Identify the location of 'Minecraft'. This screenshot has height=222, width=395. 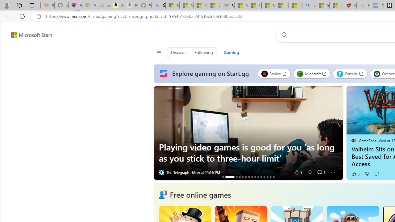
(312, 73).